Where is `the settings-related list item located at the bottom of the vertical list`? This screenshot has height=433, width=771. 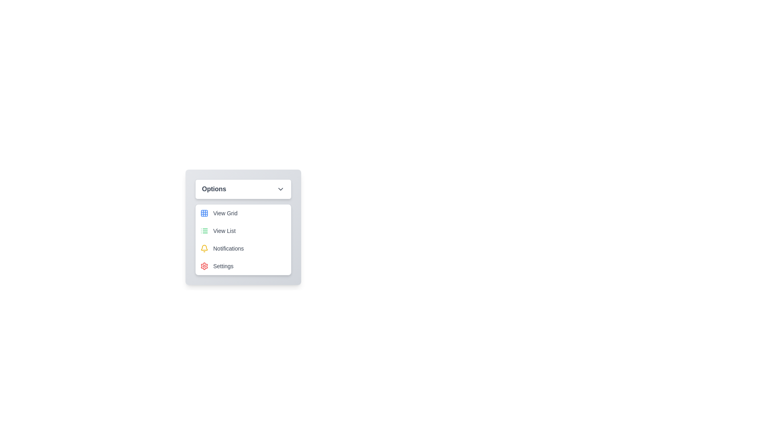
the settings-related list item located at the bottom of the vertical list is located at coordinates (243, 266).